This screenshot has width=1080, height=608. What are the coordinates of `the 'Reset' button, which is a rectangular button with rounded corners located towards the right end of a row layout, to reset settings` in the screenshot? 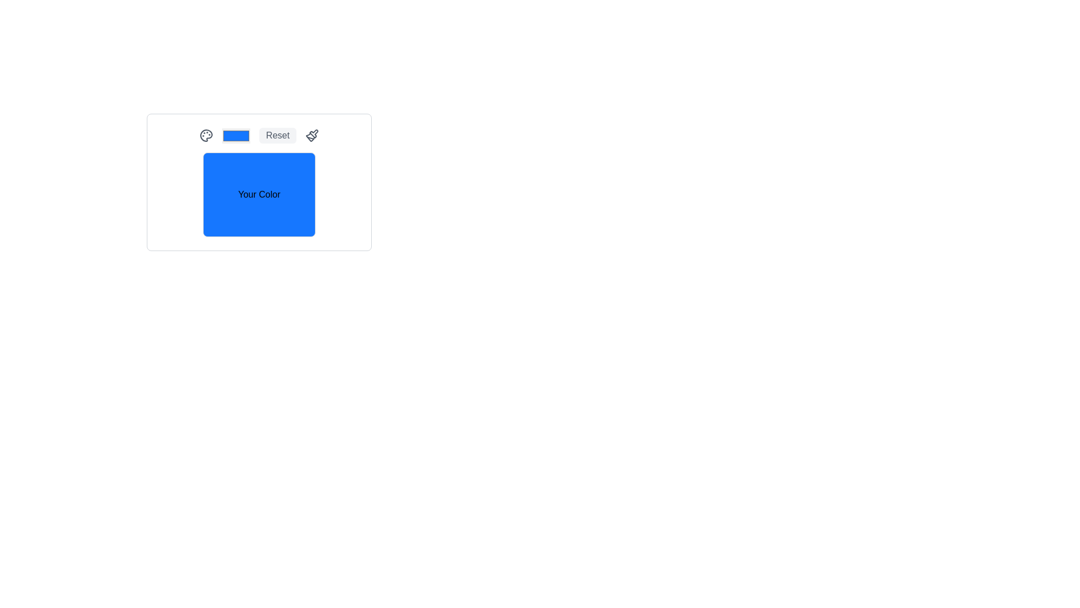 It's located at (278, 135).